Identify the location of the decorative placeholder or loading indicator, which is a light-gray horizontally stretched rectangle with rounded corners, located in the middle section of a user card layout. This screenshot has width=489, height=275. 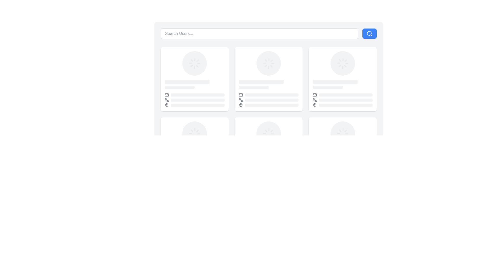
(197, 100).